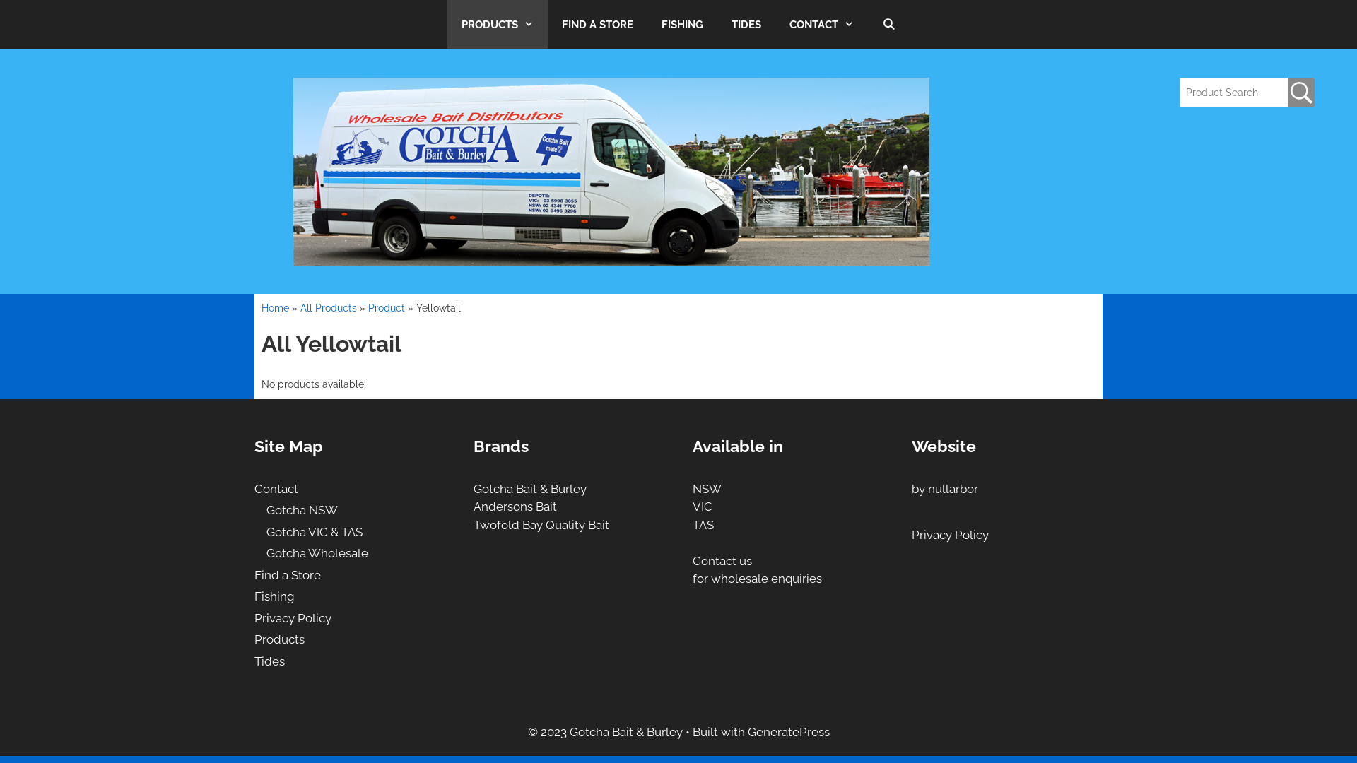 The image size is (1357, 763). Describe the element at coordinates (682, 24) in the screenshot. I see `'FISHING'` at that location.